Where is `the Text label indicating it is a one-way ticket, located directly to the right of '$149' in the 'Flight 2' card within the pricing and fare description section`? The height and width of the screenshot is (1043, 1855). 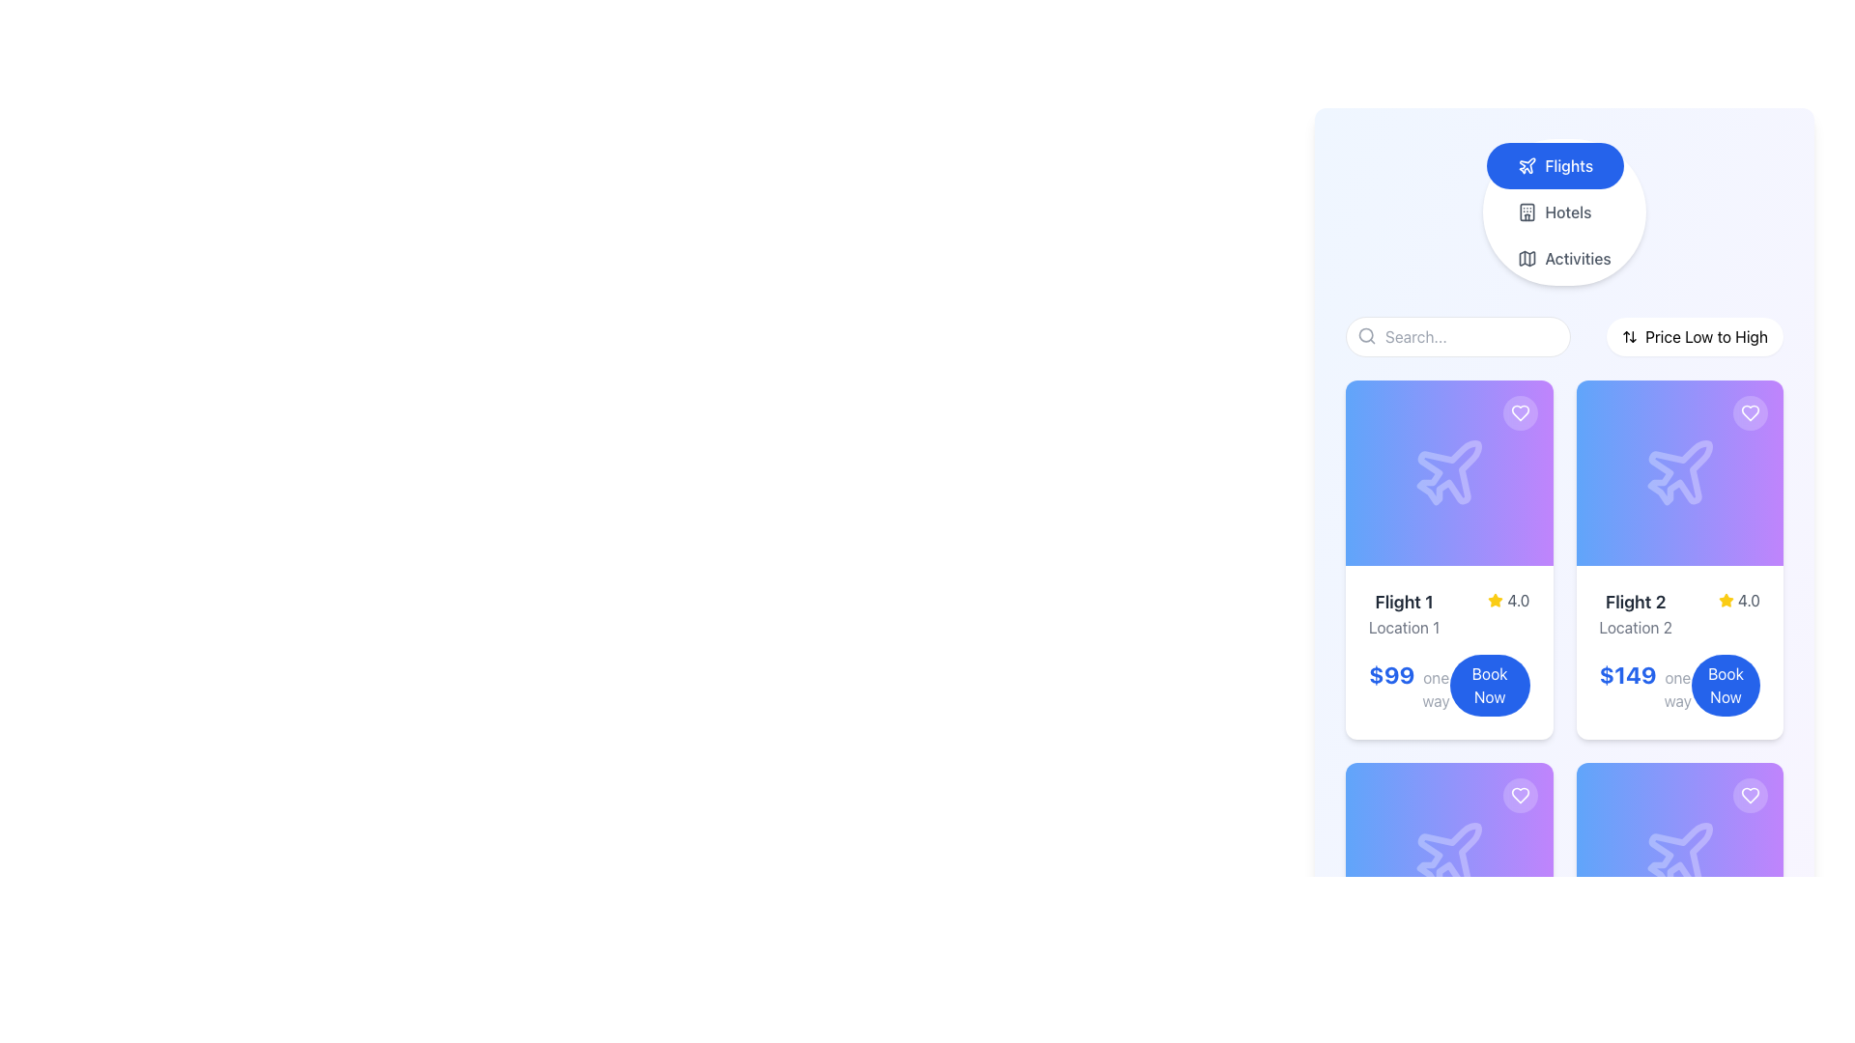 the Text label indicating it is a one-way ticket, located directly to the right of '$149' in the 'Flight 2' card within the pricing and fare description section is located at coordinates (1676, 688).